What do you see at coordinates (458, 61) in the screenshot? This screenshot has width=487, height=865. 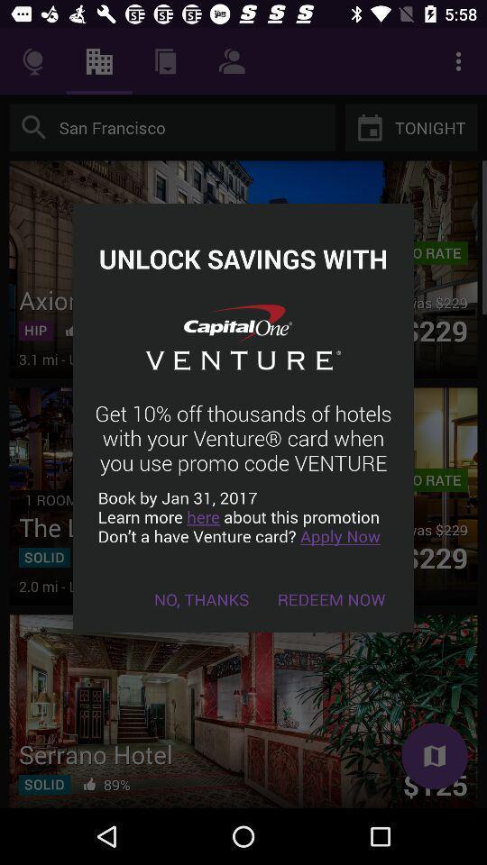 I see `the 3 dot vertical symbol more option` at bounding box center [458, 61].